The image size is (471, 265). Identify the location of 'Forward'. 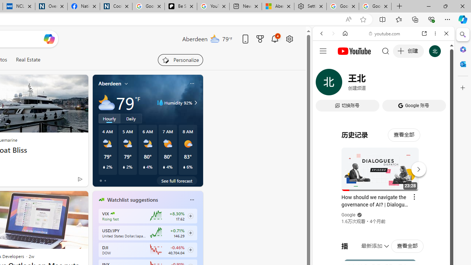
(333, 33).